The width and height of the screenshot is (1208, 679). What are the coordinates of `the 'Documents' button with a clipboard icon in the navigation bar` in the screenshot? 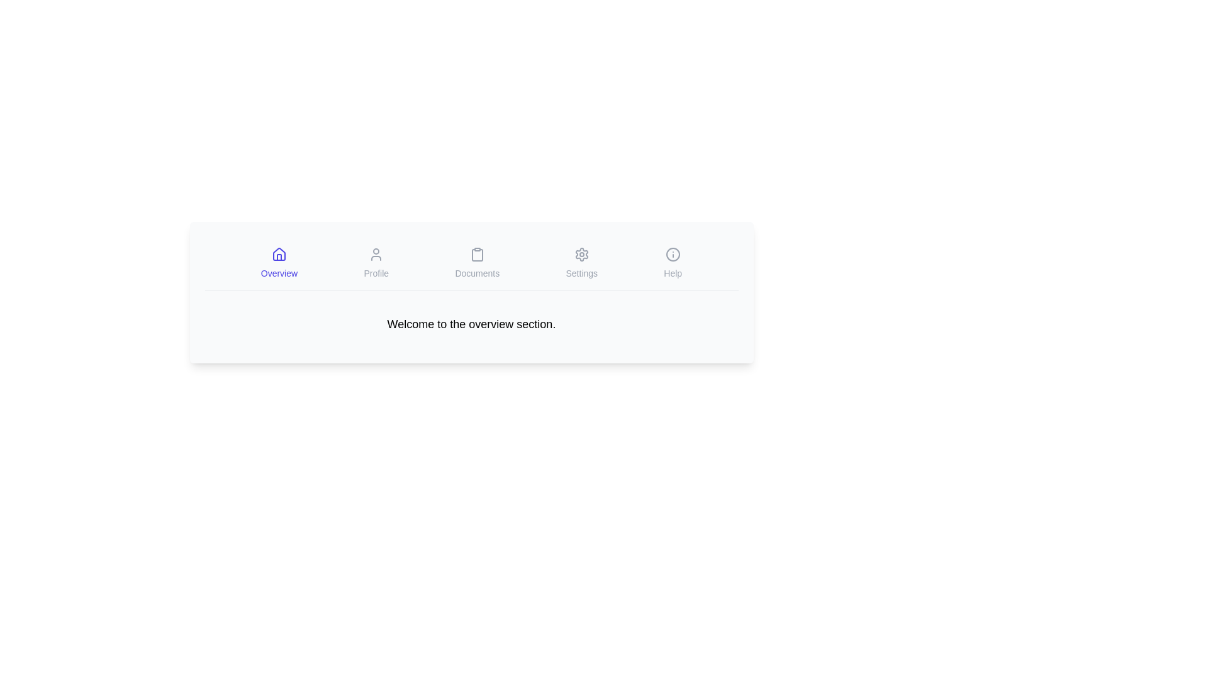 It's located at (476, 263).